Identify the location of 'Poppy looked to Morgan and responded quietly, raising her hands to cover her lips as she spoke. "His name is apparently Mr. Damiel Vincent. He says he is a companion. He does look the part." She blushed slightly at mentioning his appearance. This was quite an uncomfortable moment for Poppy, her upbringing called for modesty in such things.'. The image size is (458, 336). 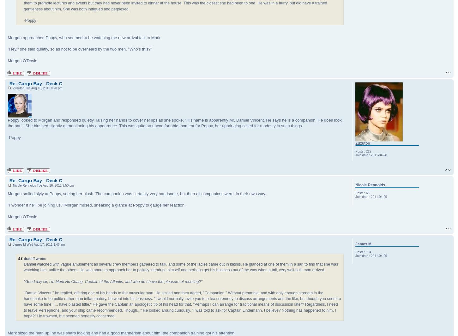
(174, 123).